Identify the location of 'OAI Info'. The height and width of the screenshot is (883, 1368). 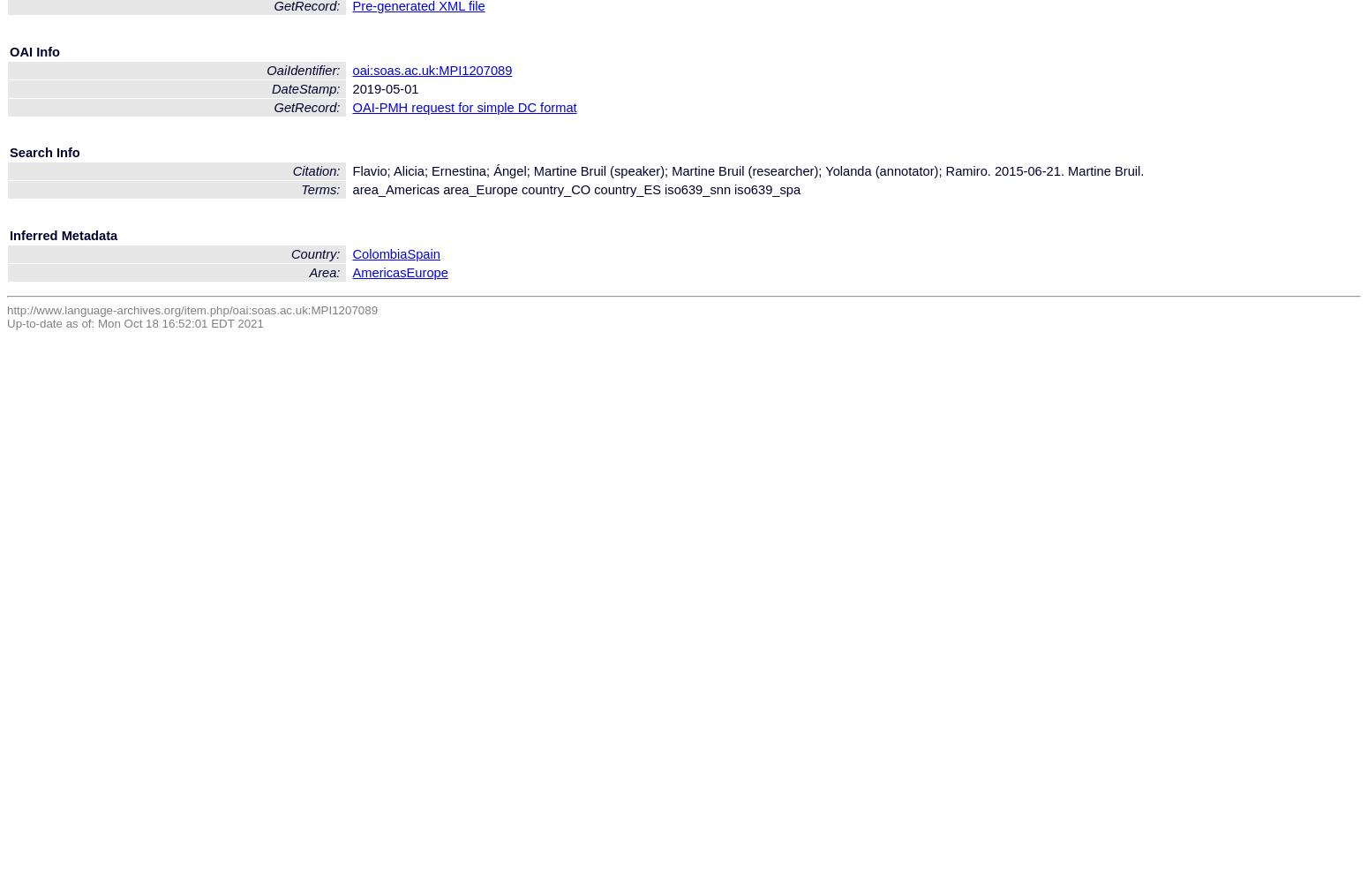
(34, 51).